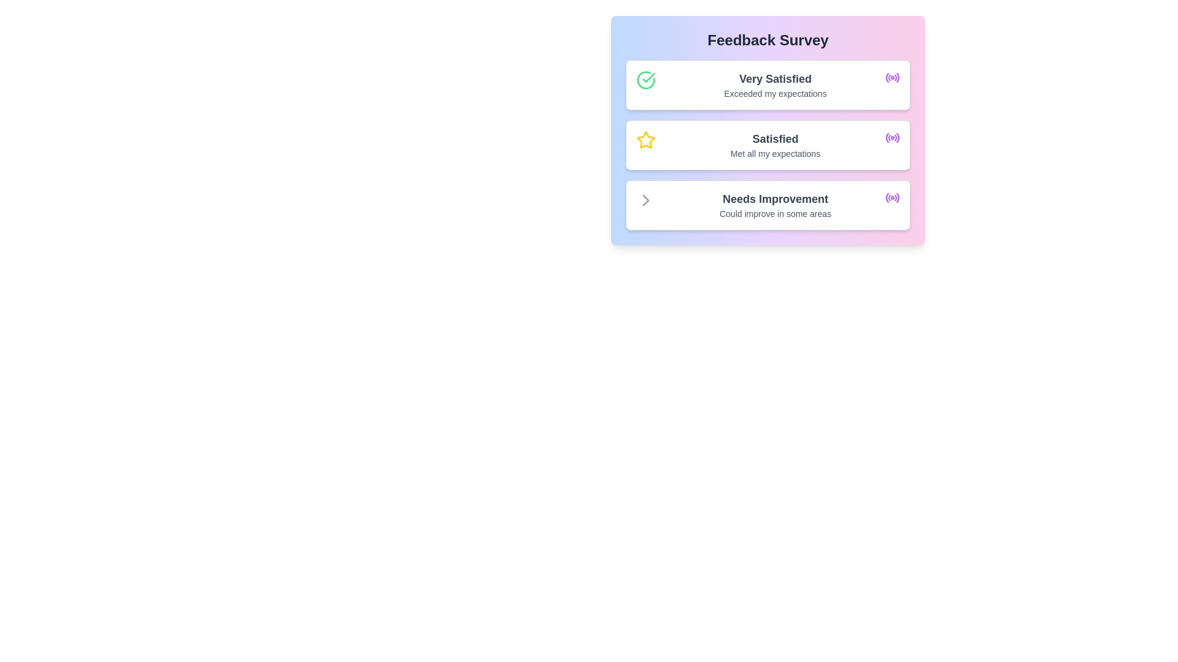 Image resolution: width=1178 pixels, height=662 pixels. What do you see at coordinates (768, 39) in the screenshot?
I see `the text label at the top of the survey section, which serves as the title or header for the listed options below` at bounding box center [768, 39].